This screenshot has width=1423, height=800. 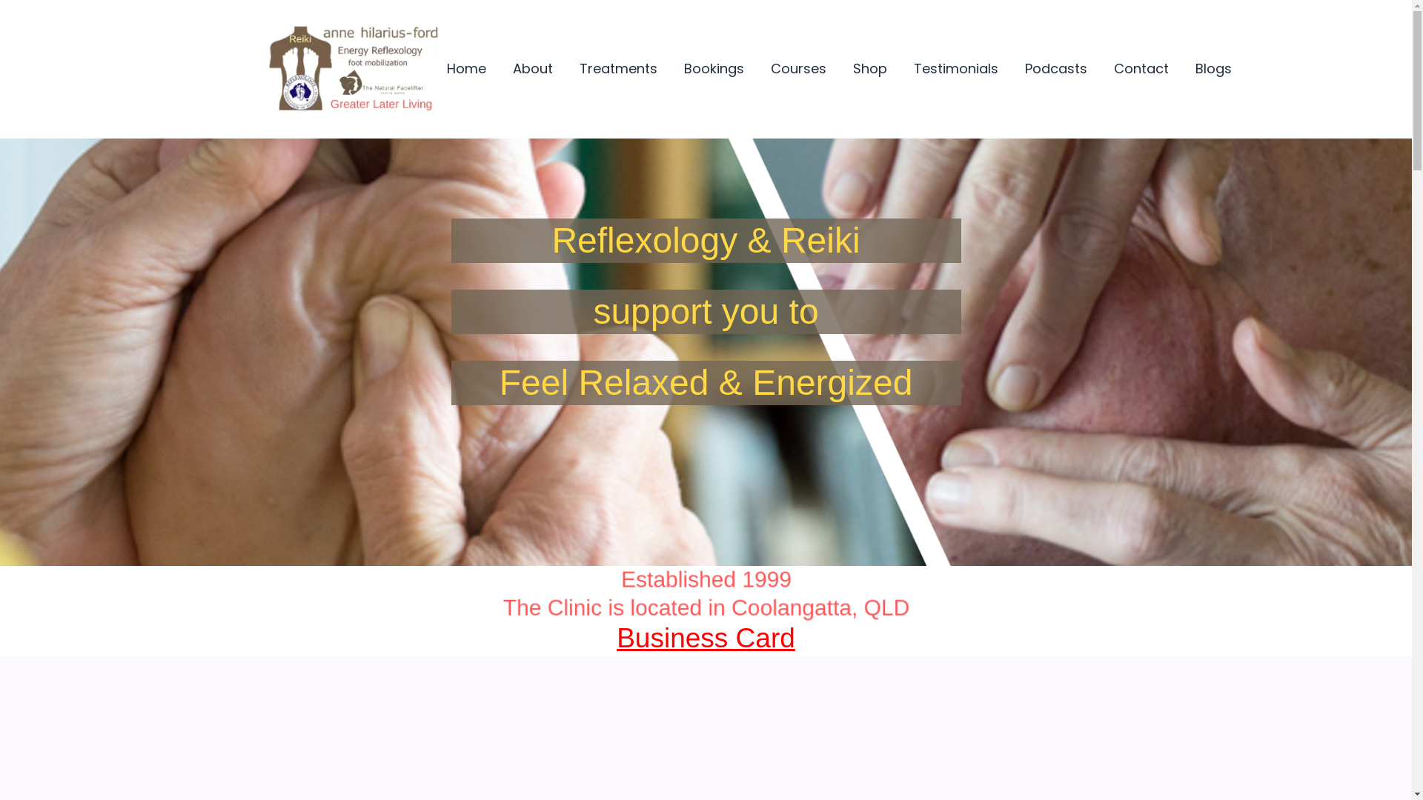 What do you see at coordinates (533, 69) in the screenshot?
I see `'About'` at bounding box center [533, 69].